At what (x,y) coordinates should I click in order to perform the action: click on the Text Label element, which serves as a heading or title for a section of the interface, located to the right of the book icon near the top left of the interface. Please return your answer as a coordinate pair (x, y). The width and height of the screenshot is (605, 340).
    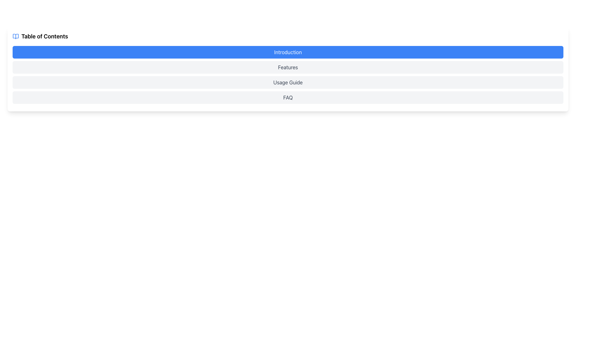
    Looking at the image, I should click on (44, 36).